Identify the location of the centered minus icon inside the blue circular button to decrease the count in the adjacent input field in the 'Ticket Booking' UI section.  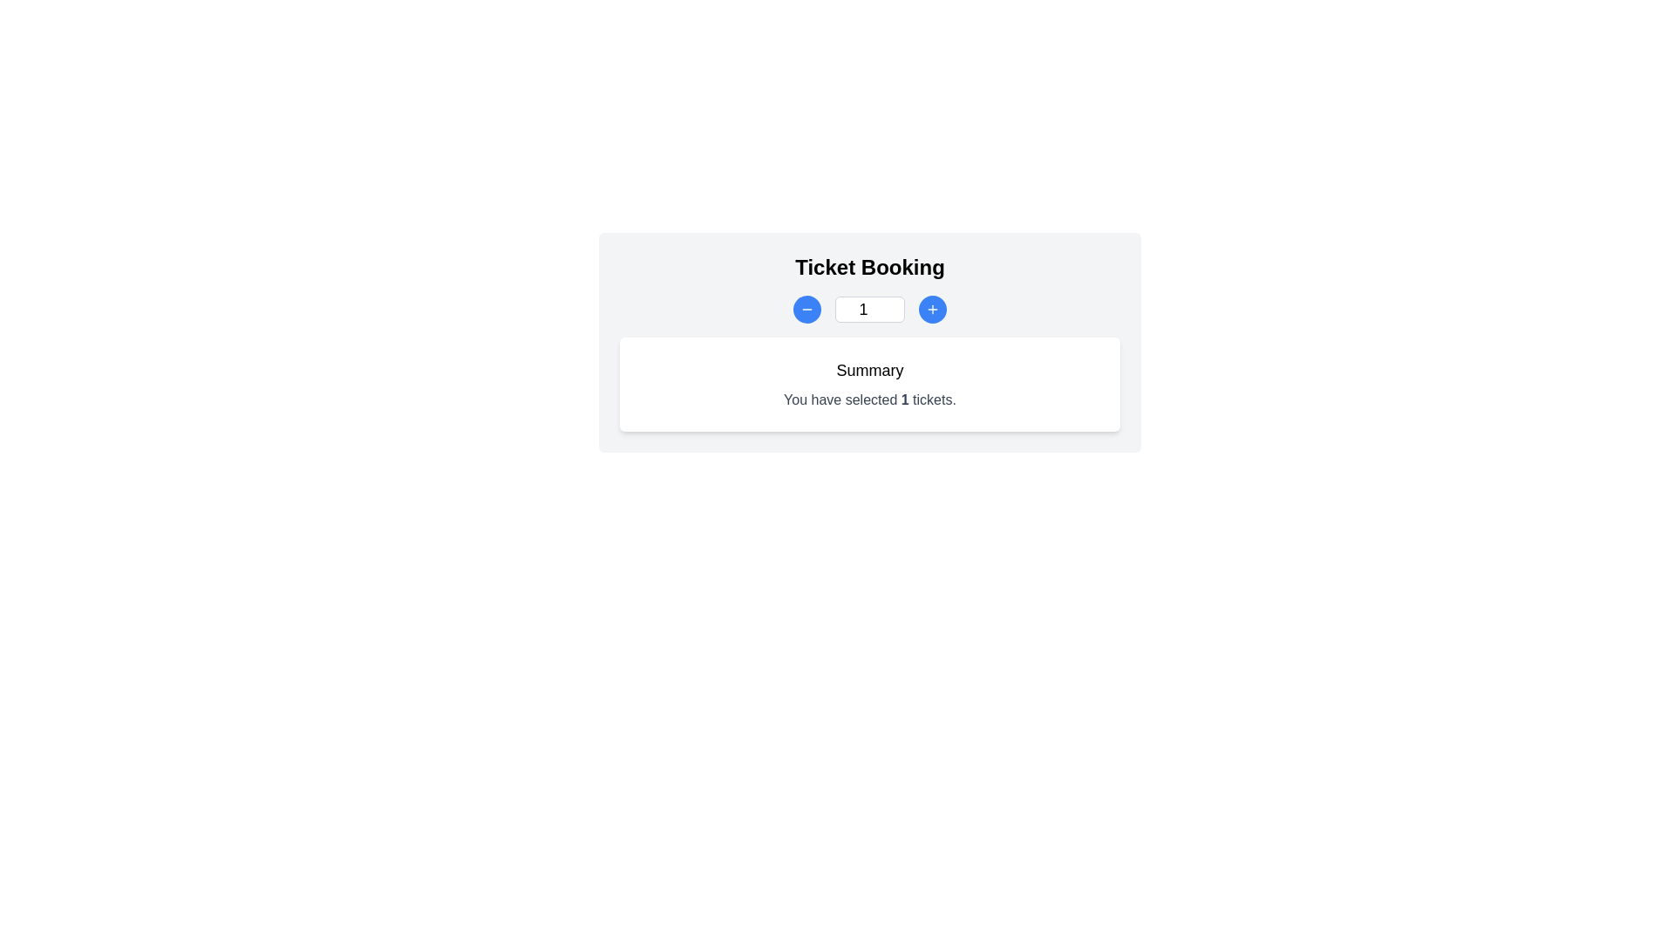
(806, 308).